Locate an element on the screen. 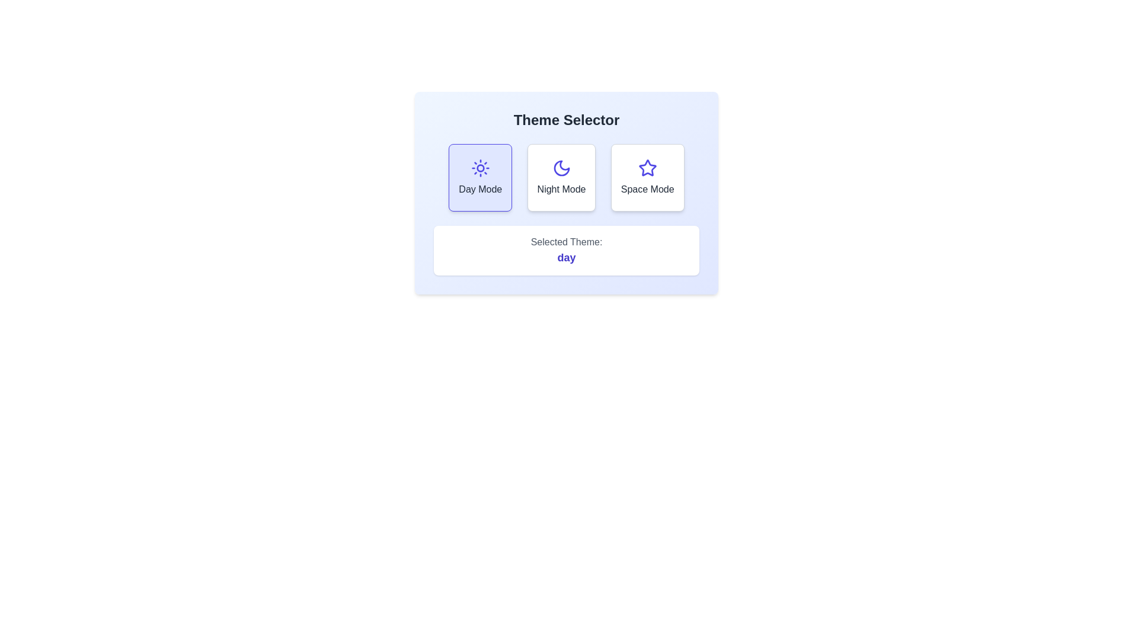 This screenshot has height=640, width=1138. the text label reading 'Day Mode' with a gray font, which is located below the circular sun icon in the first selectable theme option within a bordered and rounded square area is located at coordinates (480, 189).